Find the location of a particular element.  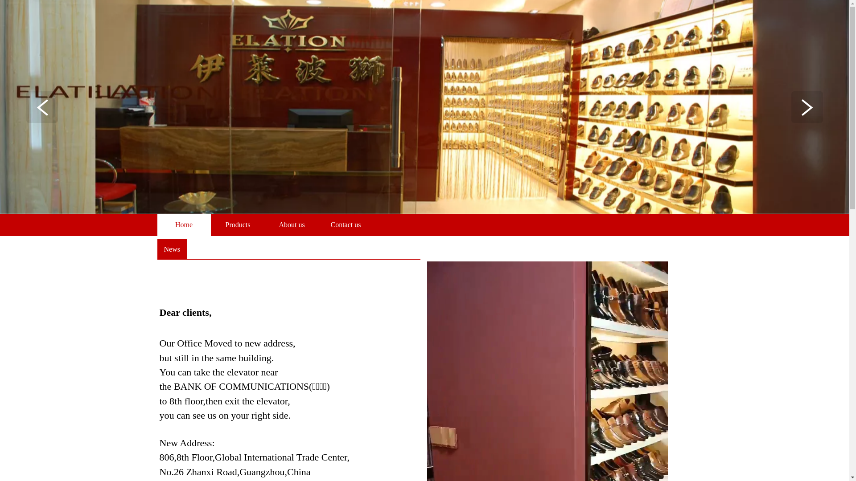

'Products' is located at coordinates (238, 224).